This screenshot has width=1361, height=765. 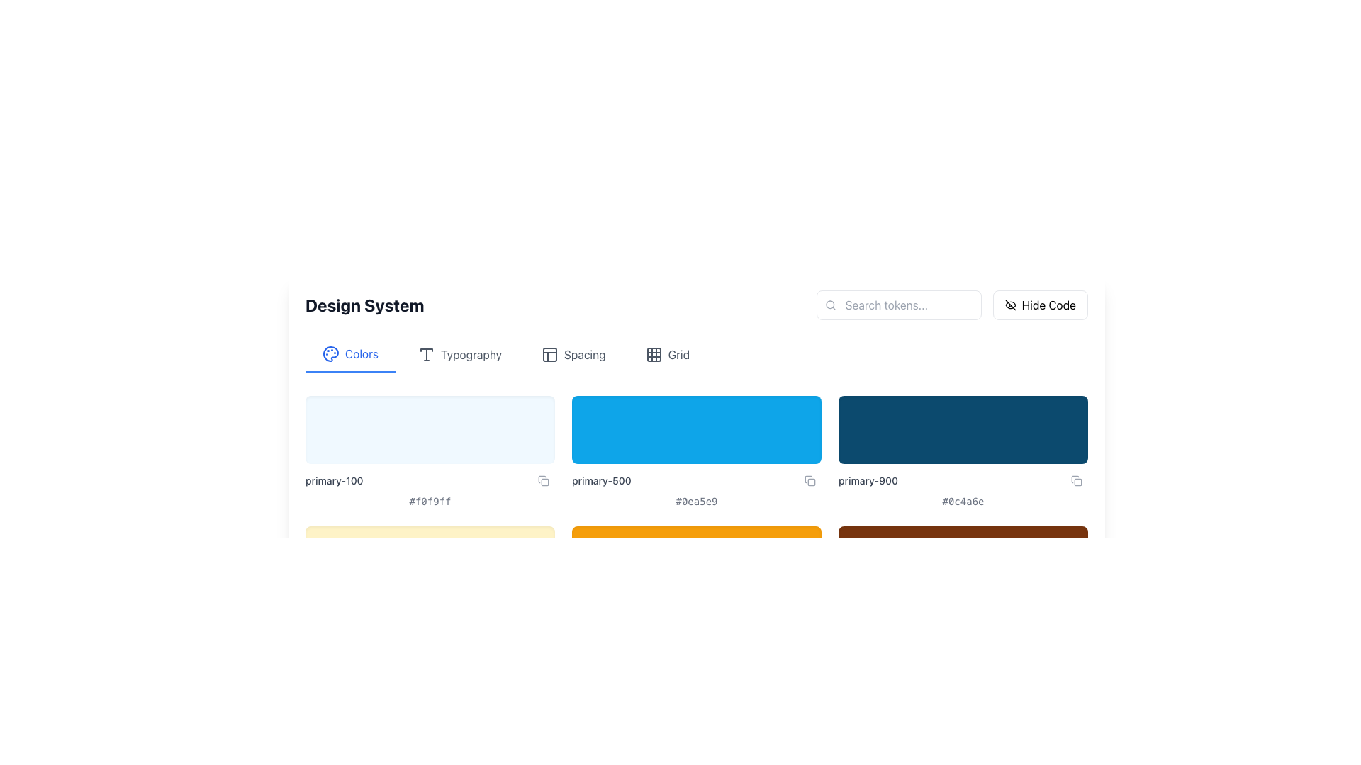 What do you see at coordinates (543, 480) in the screenshot?
I see `the copy command button icon located towards the top area of the interface` at bounding box center [543, 480].